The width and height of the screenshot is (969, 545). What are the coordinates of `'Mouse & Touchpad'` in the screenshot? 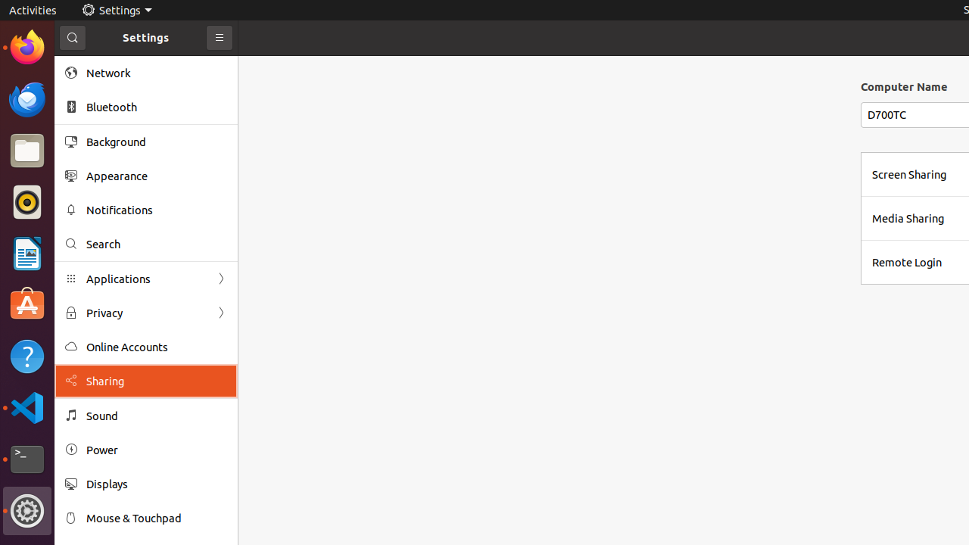 It's located at (156, 517).